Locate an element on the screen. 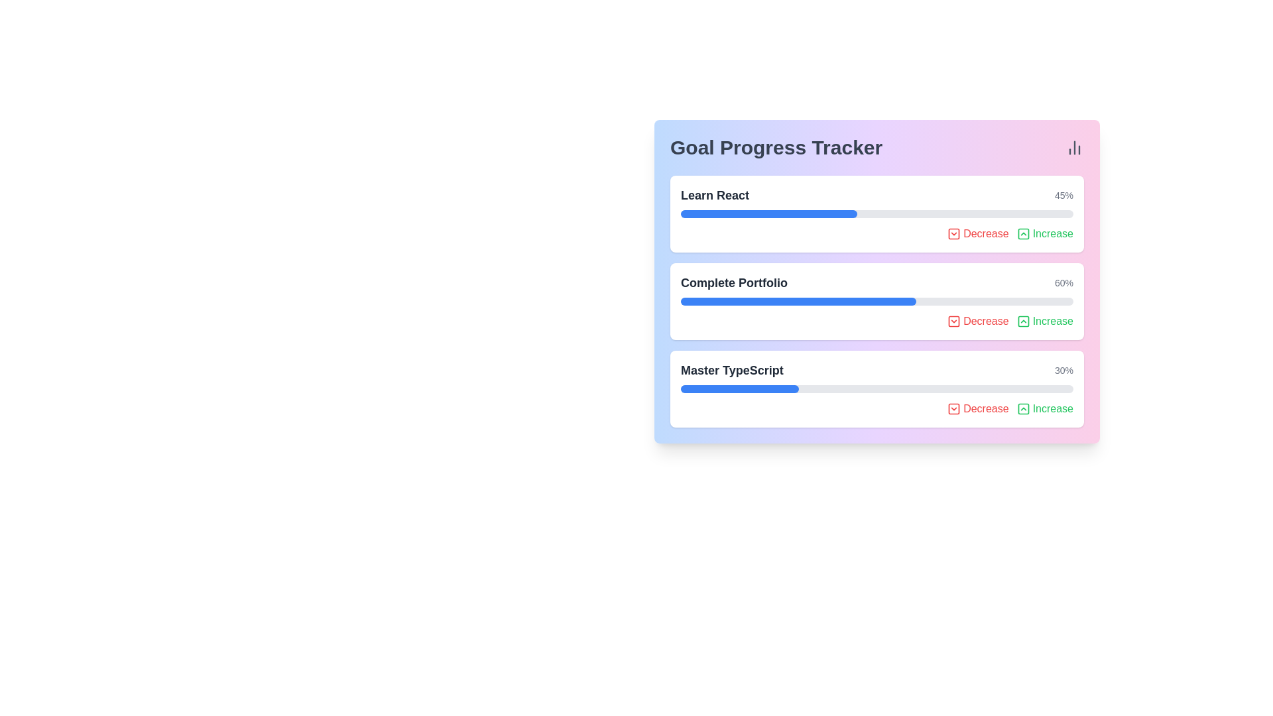  the small square icon with a downward chevron, styled with a red border and background, located within the 'Decrease' button of the 'Complete Portfolio' section in the Goal Progress Tracker interface is located at coordinates (953, 322).